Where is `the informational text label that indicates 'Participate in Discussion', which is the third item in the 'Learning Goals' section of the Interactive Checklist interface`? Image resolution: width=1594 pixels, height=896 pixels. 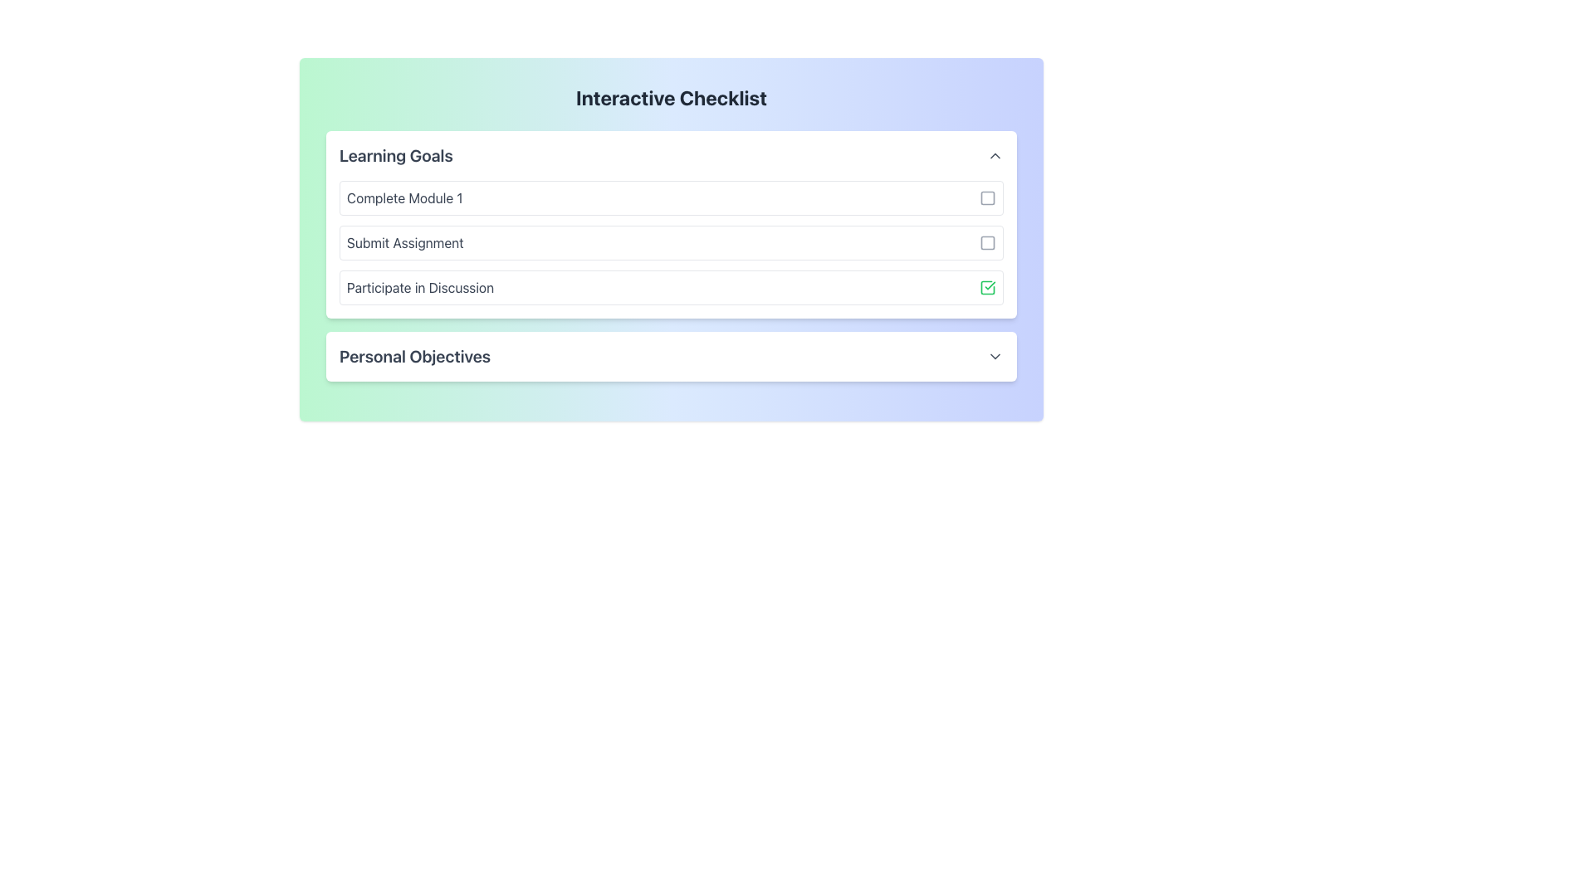 the informational text label that indicates 'Participate in Discussion', which is the third item in the 'Learning Goals' section of the Interactive Checklist interface is located at coordinates (420, 287).